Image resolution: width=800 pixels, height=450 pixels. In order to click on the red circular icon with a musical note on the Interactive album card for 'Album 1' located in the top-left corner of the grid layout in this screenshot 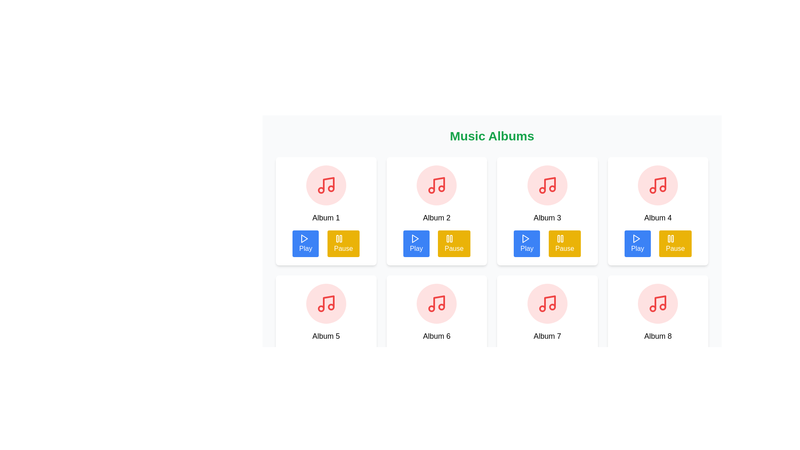, I will do `click(325, 210)`.